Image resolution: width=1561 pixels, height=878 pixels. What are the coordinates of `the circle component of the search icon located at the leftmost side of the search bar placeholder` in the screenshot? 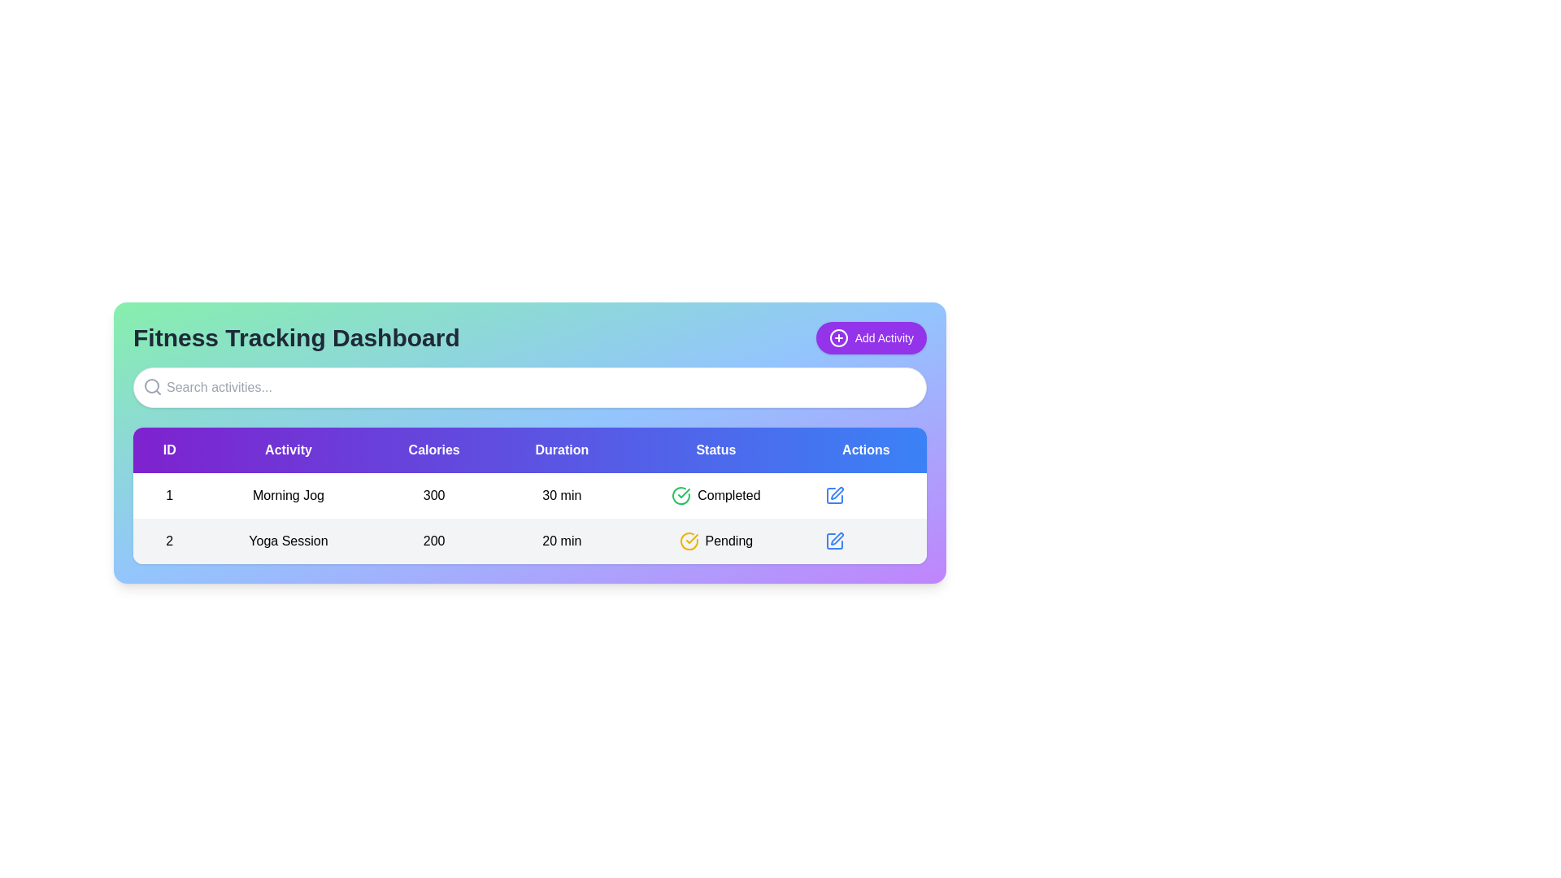 It's located at (152, 385).